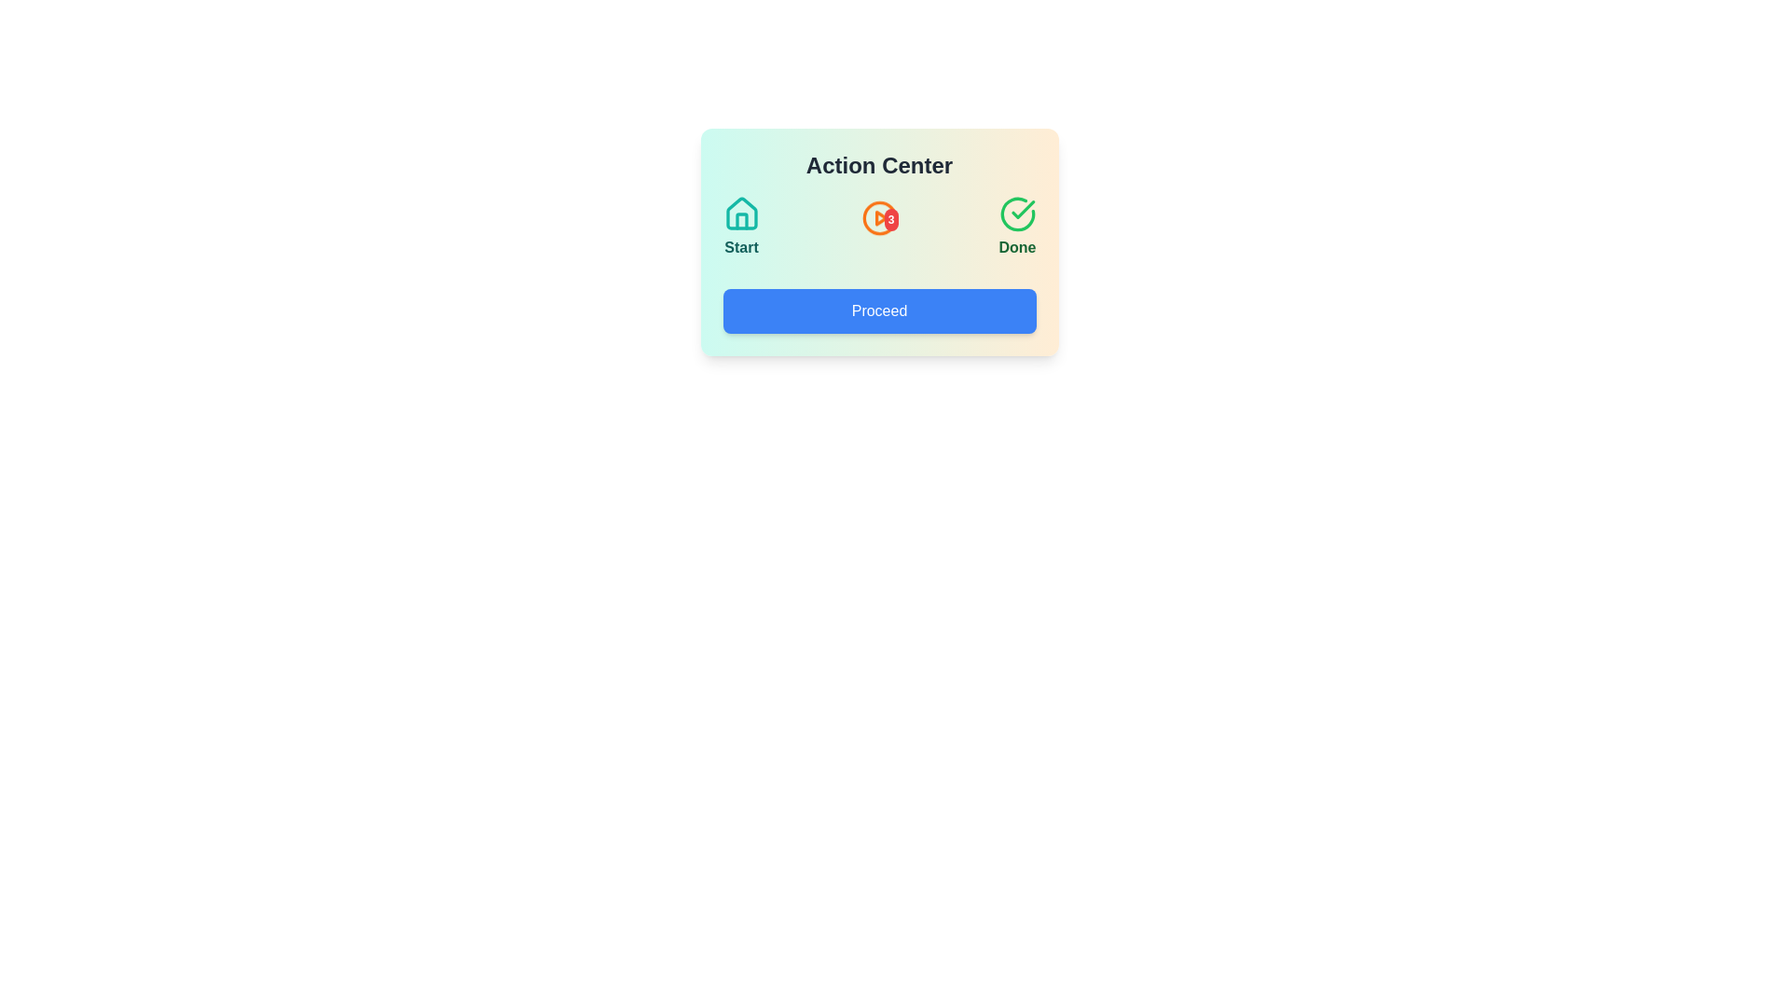  Describe the element at coordinates (878, 226) in the screenshot. I see `the notification badge icon representing an item count of 3, located between the 'Start' indicator and the 'Done' status icon` at that location.